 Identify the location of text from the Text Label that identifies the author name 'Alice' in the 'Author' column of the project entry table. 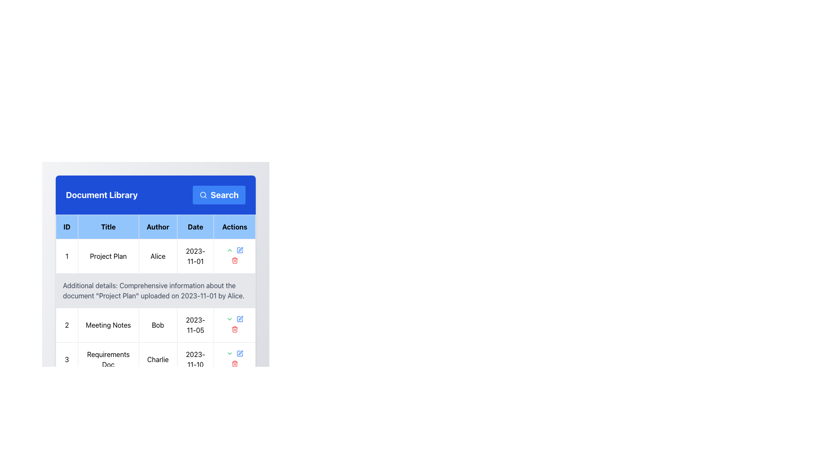
(158, 255).